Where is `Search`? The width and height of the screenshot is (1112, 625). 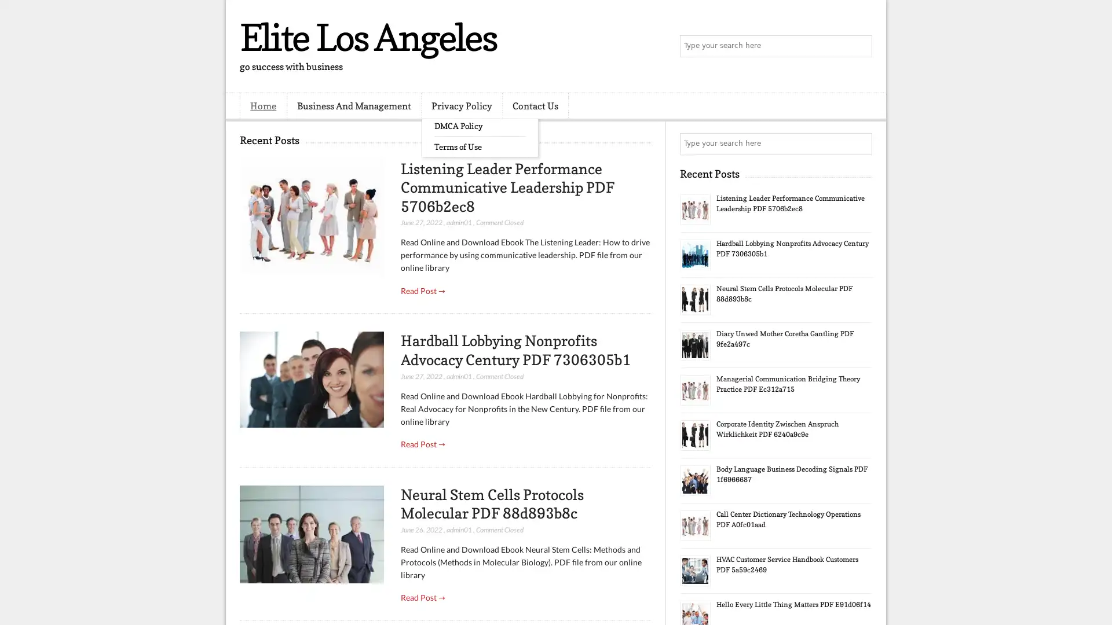
Search is located at coordinates (860, 46).